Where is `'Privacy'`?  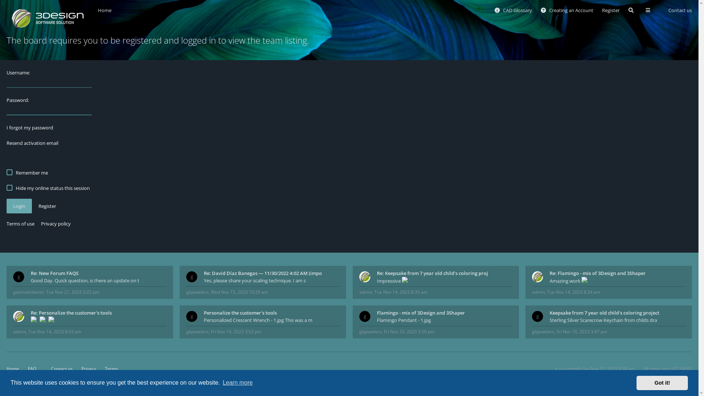 'Privacy' is located at coordinates (88, 368).